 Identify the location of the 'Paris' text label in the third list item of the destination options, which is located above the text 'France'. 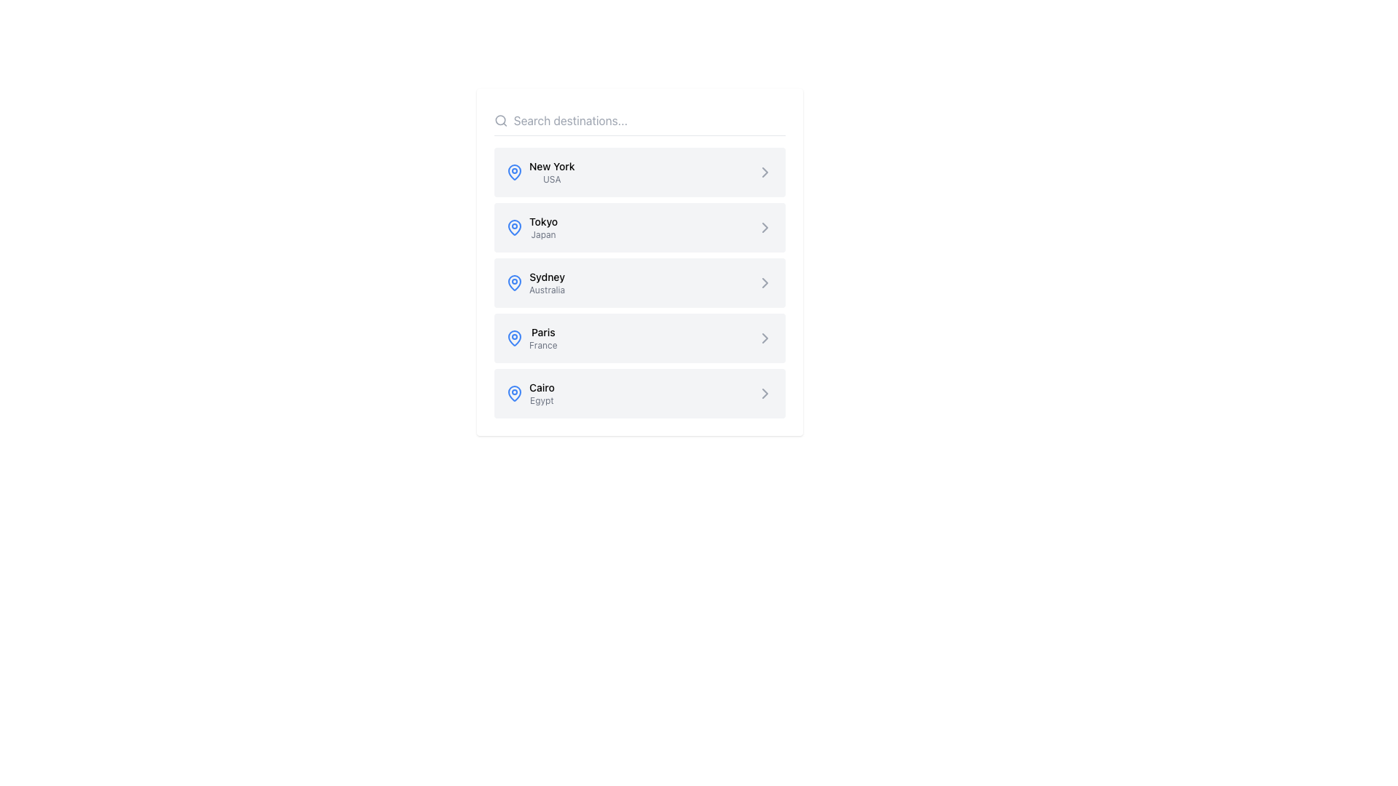
(542, 332).